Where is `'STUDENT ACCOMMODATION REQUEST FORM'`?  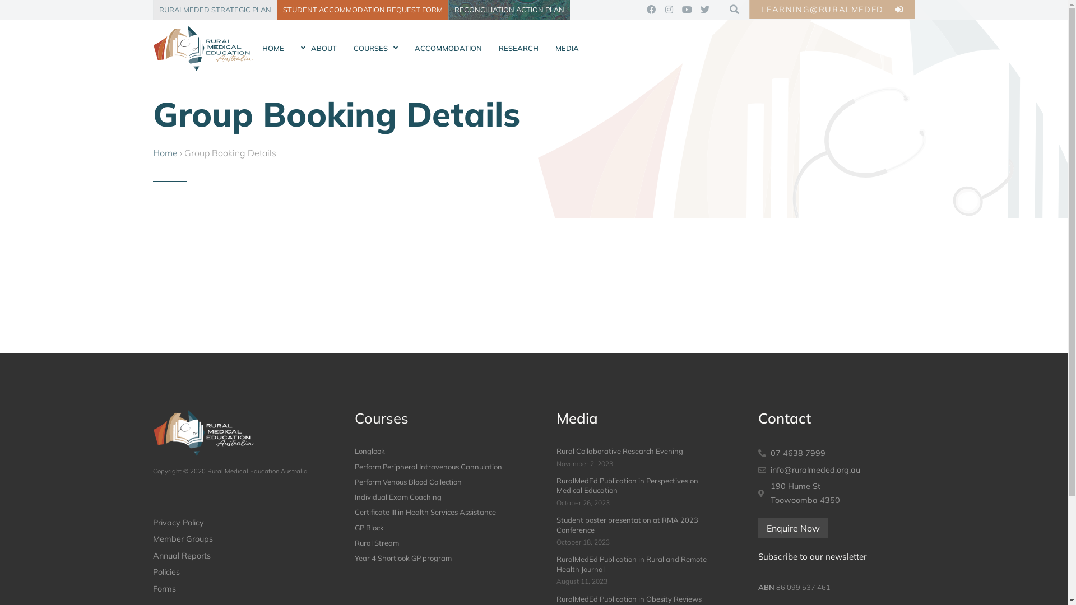
'STUDENT ACCOMMODATION REQUEST FORM' is located at coordinates (363, 10).